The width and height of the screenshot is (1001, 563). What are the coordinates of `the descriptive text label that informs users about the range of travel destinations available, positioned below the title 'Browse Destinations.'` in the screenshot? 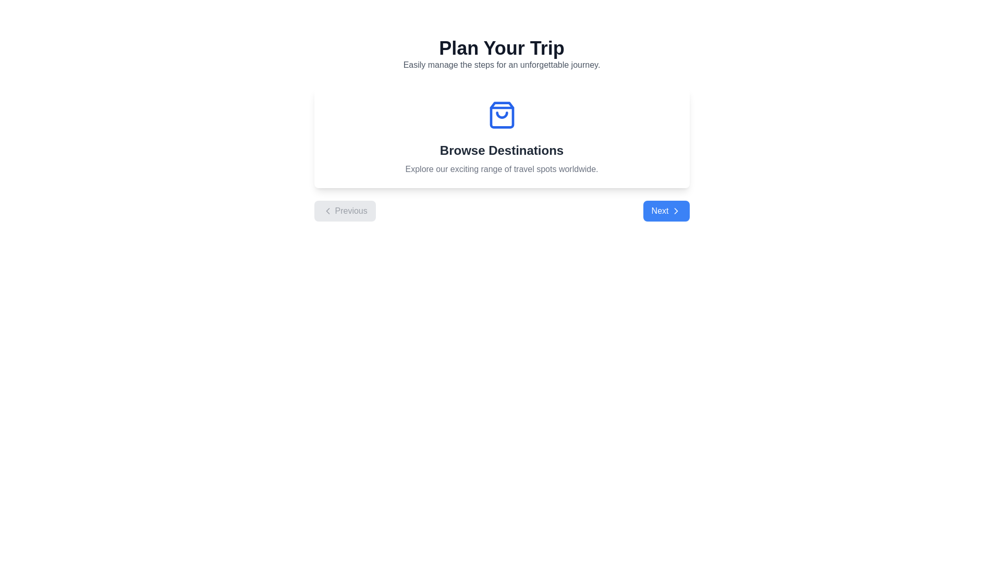 It's located at (502, 168).